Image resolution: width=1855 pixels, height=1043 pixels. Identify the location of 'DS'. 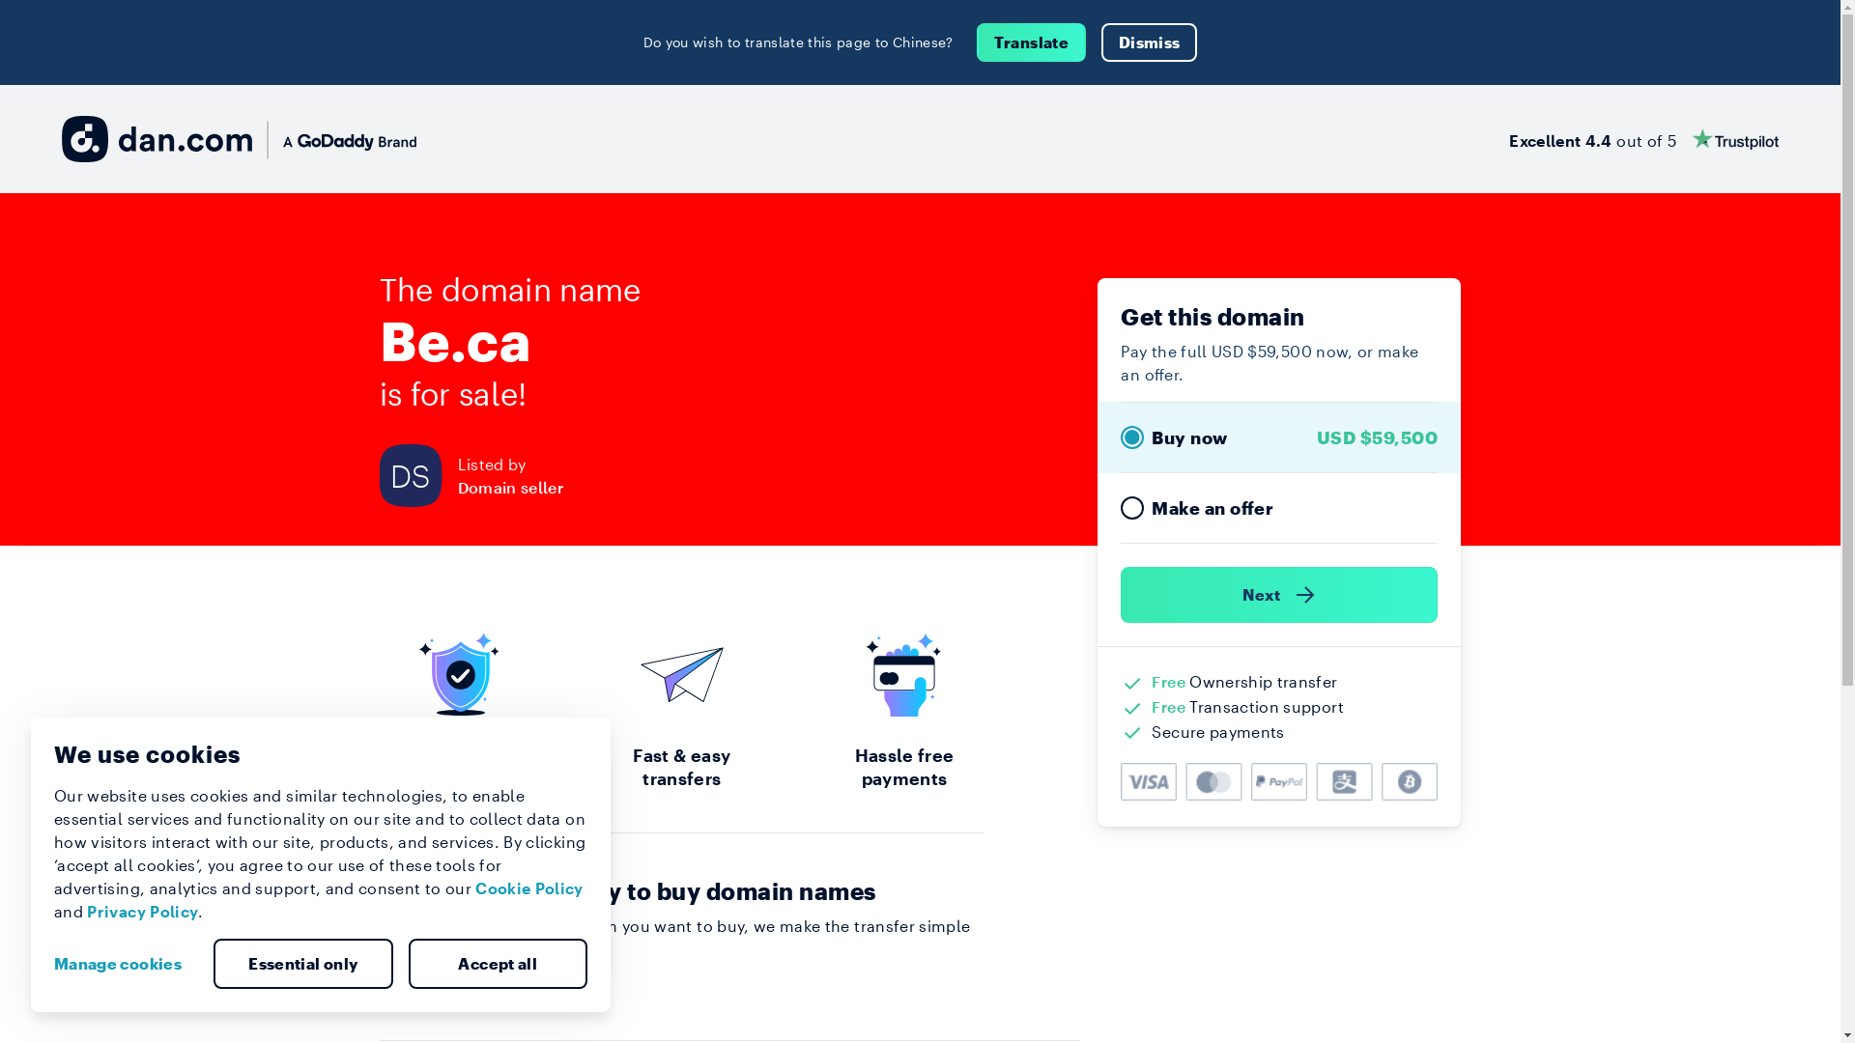
(416, 475).